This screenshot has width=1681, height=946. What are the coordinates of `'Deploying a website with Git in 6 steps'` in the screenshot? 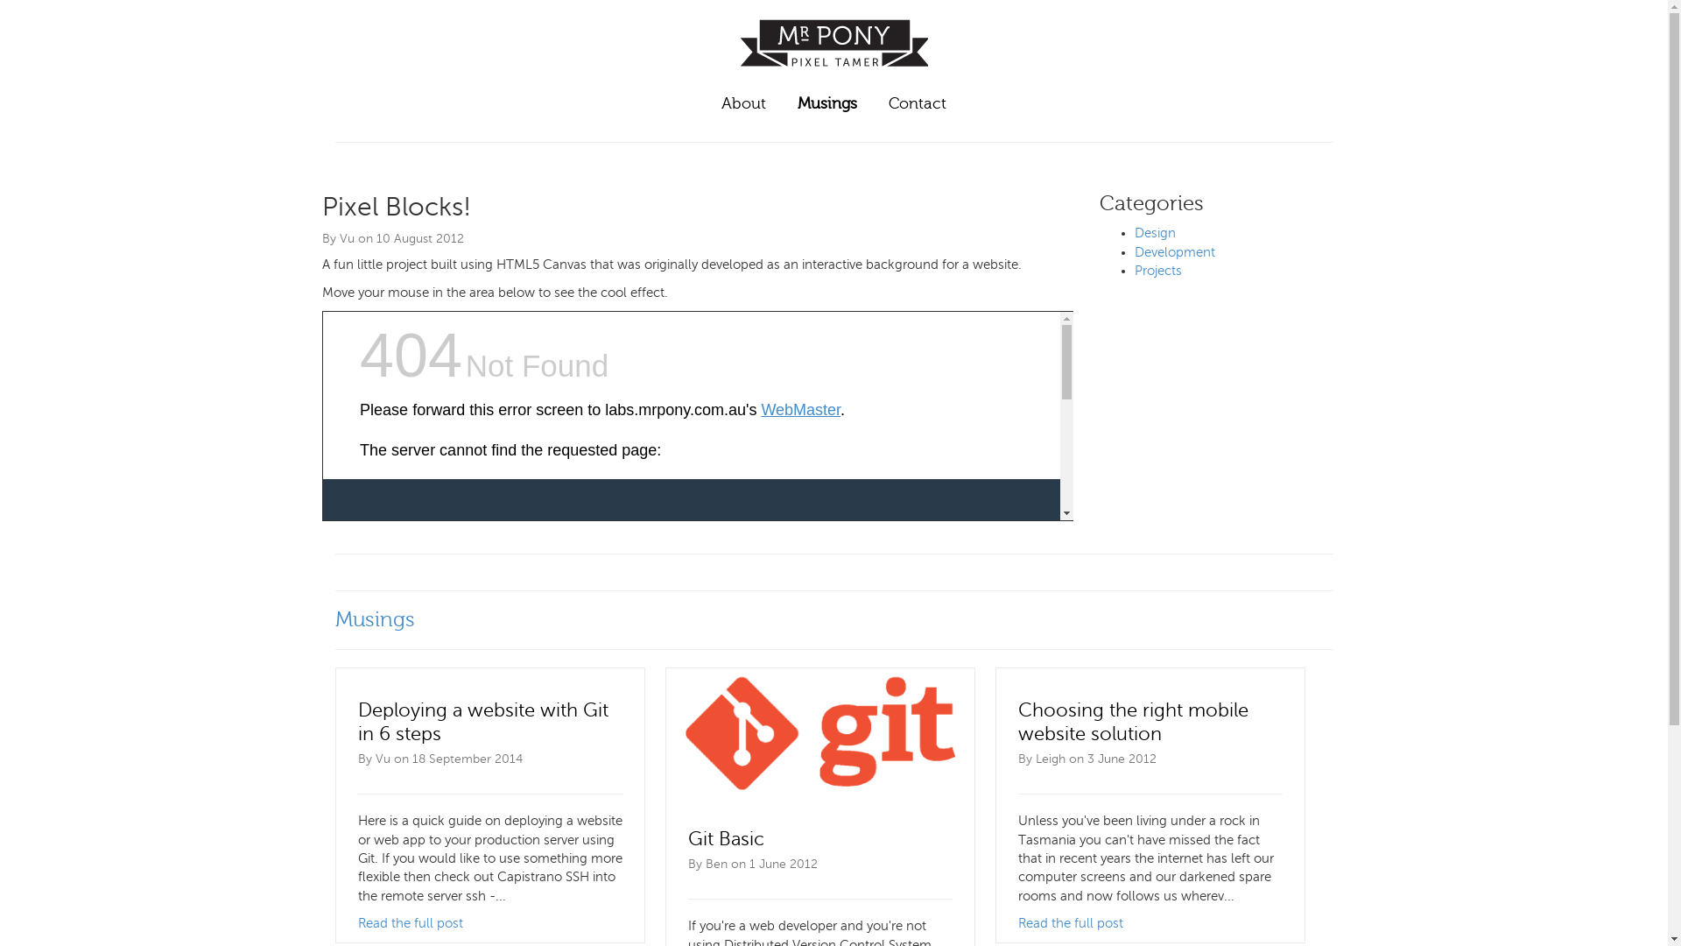 It's located at (482, 722).